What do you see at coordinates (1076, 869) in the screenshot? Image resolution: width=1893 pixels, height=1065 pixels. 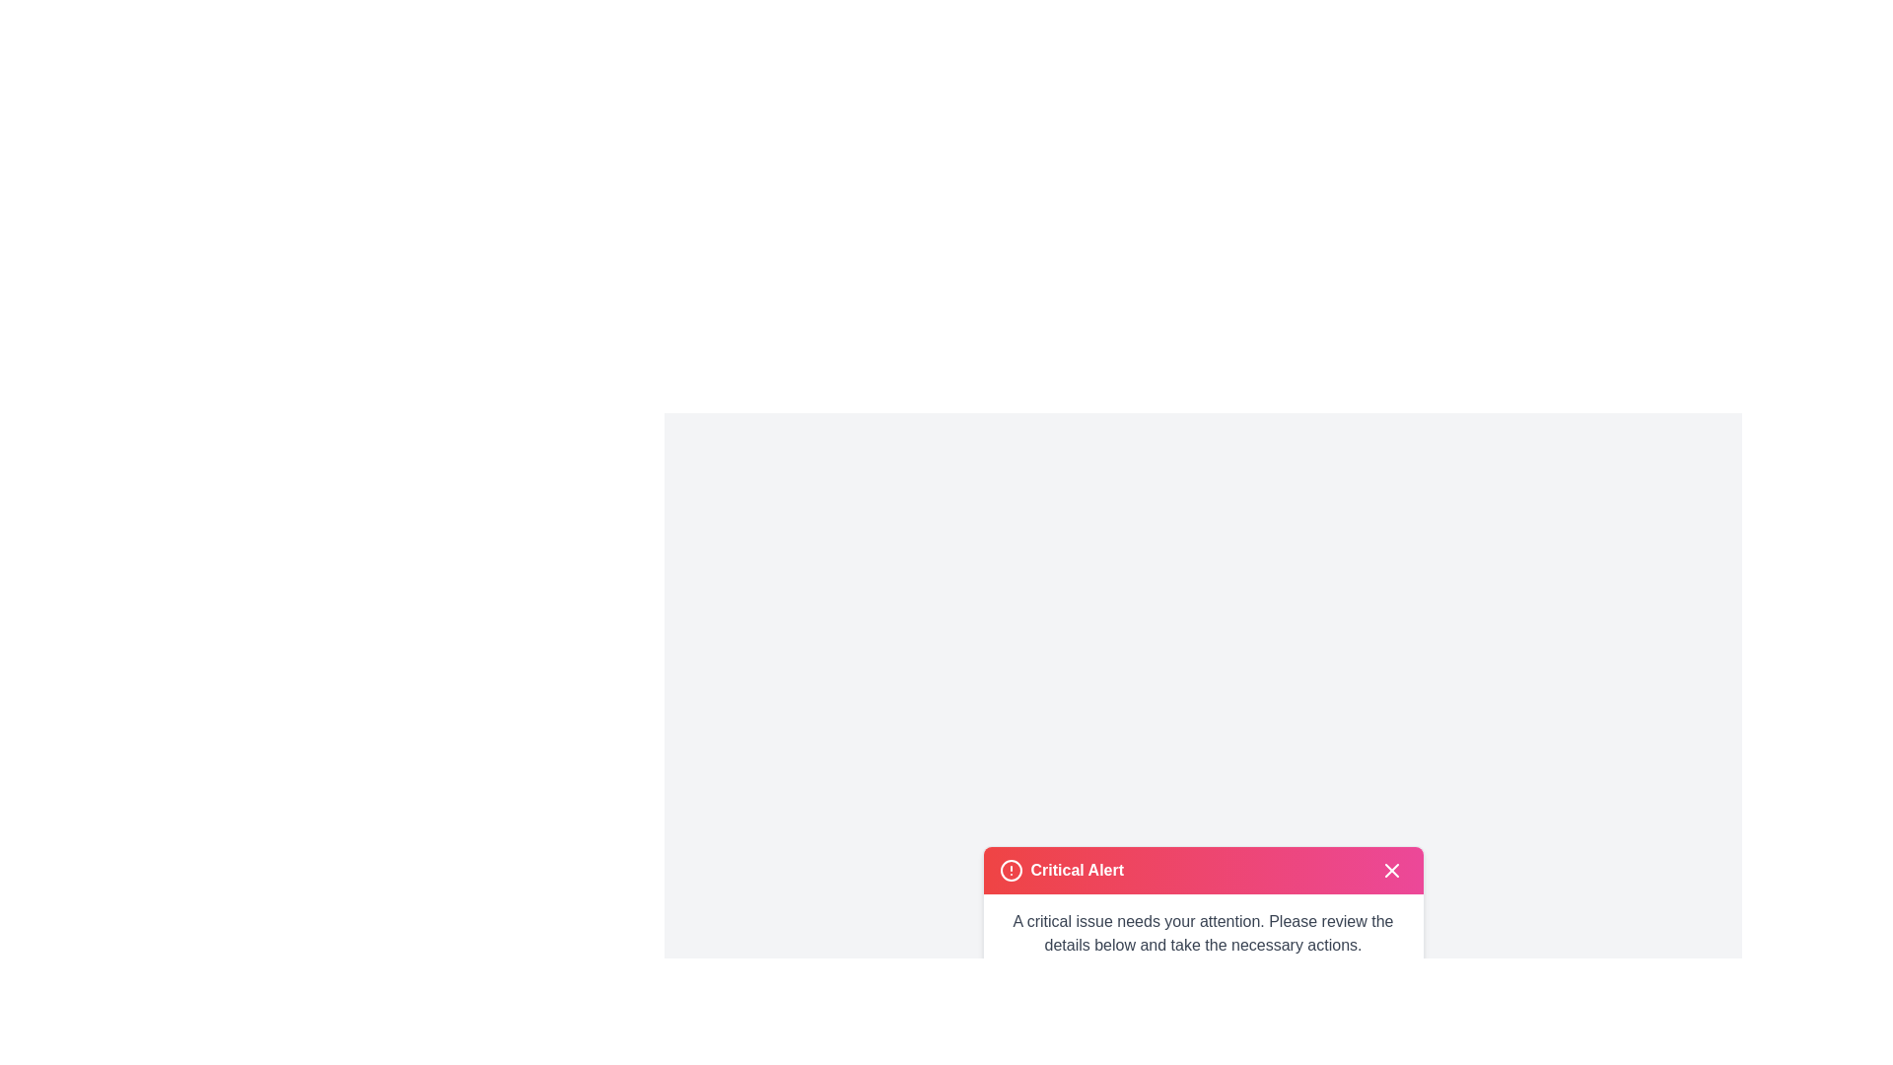 I see `the 'Critical Alert' text block displayed on a red background, indicating high importance, as it is part of an interactive notification` at bounding box center [1076, 869].